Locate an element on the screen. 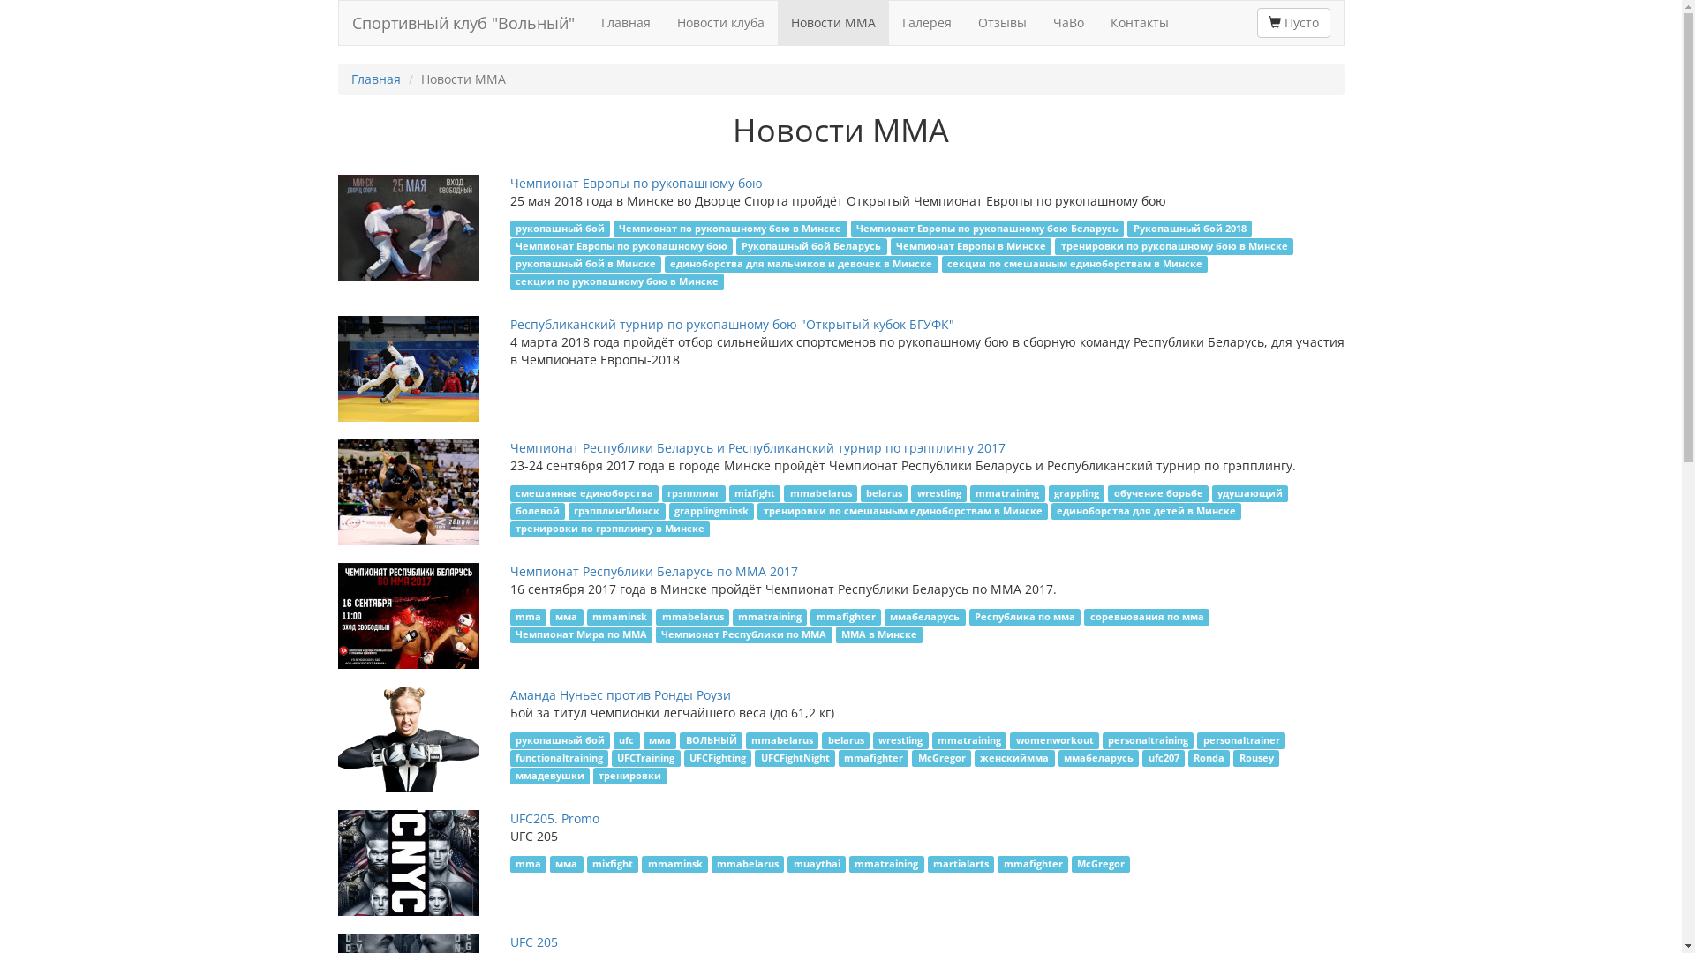 This screenshot has width=1695, height=953. 'functionaltraining' is located at coordinates (558, 757).